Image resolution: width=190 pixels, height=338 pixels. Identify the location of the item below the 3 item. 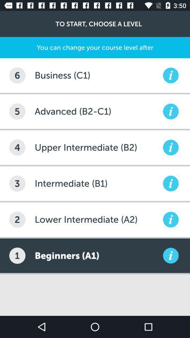
(17, 219).